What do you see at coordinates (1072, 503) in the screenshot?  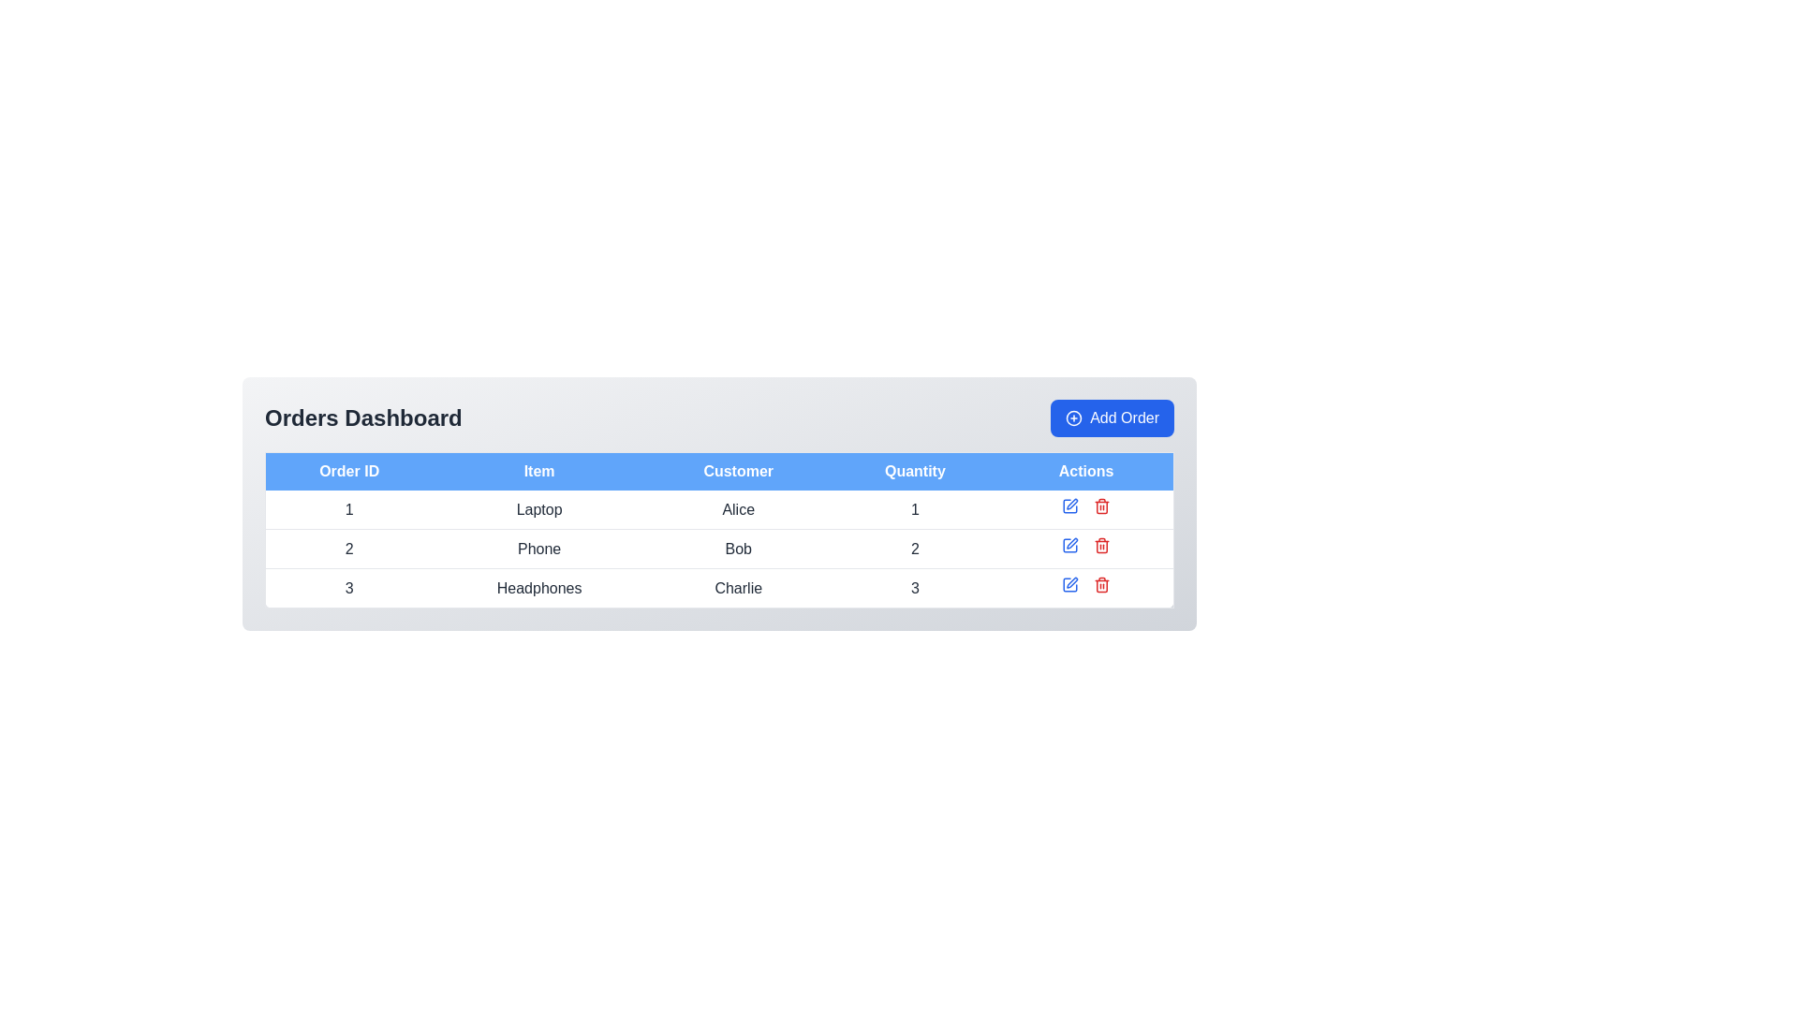 I see `the edit icon located in the 'Actions' column for the 'Phone' item, which resembles a pen writing on a square, to trigger a tooltip or visual feedback` at bounding box center [1072, 503].